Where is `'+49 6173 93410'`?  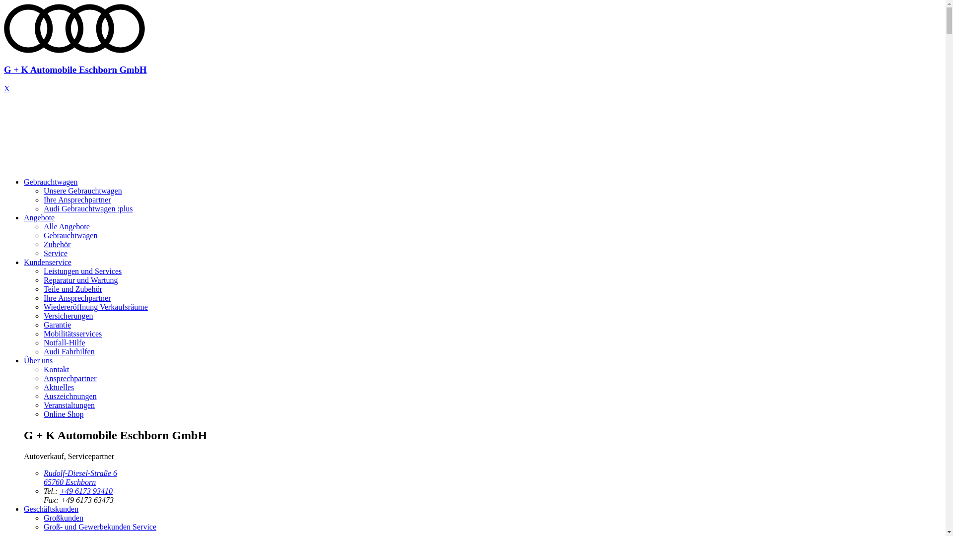 '+49 6173 93410' is located at coordinates (86, 490).